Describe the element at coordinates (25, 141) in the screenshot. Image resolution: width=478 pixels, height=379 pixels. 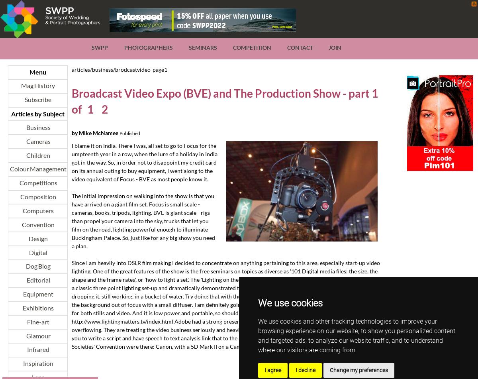
I see `'Cameras'` at that location.